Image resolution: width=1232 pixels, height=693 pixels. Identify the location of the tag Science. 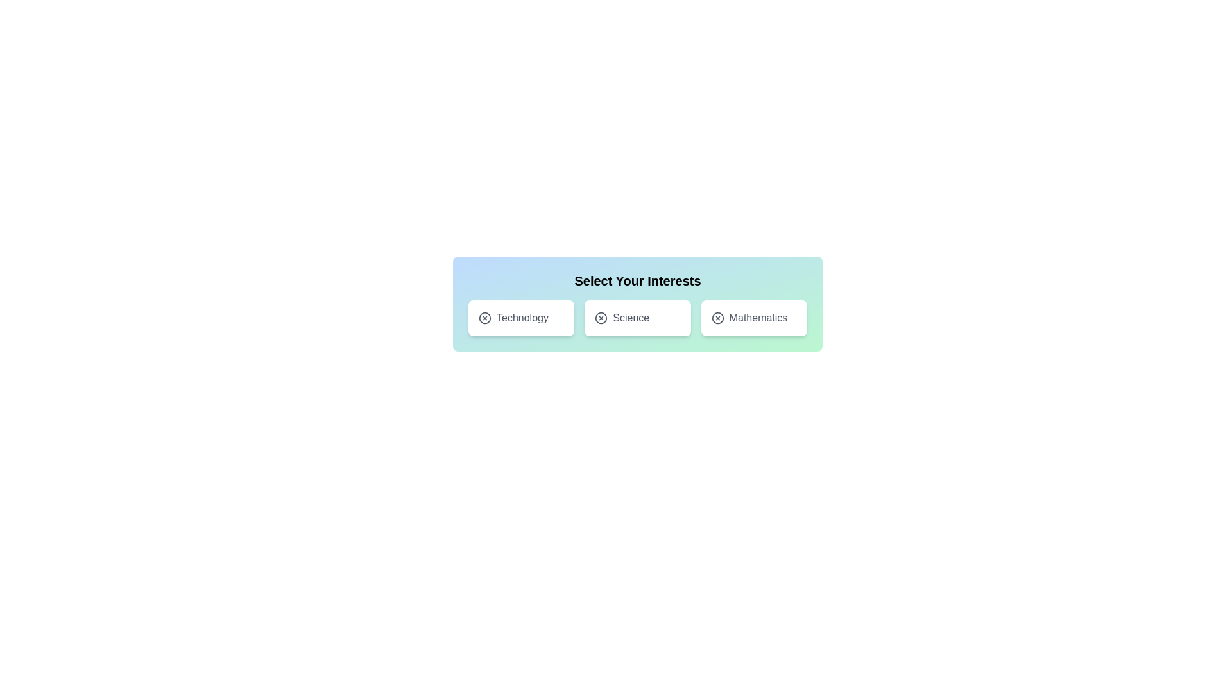
(637, 318).